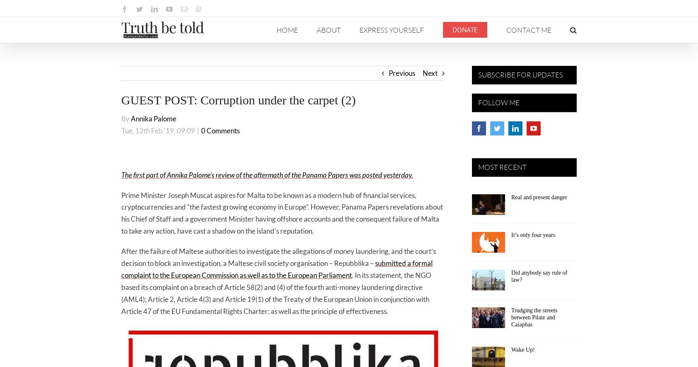  I want to click on 'GUEST POST: Corruption under the carpet (2)', so click(238, 99).